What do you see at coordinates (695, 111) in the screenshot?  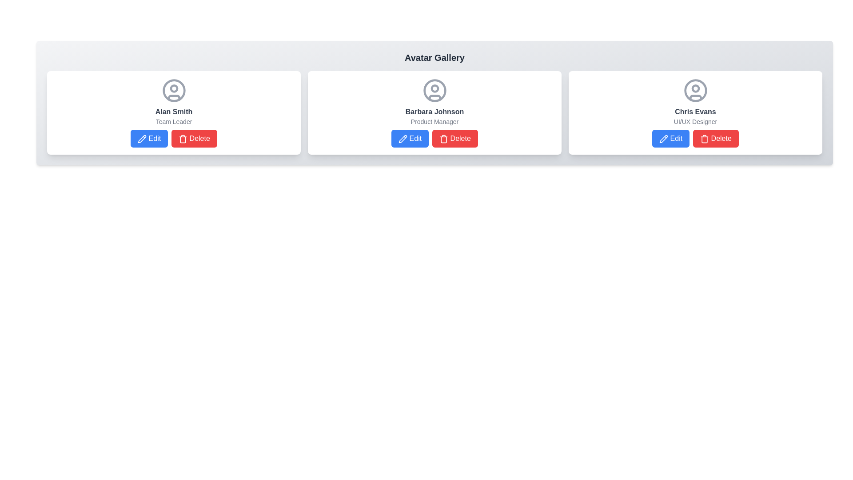 I see `the text label displaying 'Chris Evans' in bold gray font, which is located in the third profile card above the role description 'UI/UX Designer'` at bounding box center [695, 111].